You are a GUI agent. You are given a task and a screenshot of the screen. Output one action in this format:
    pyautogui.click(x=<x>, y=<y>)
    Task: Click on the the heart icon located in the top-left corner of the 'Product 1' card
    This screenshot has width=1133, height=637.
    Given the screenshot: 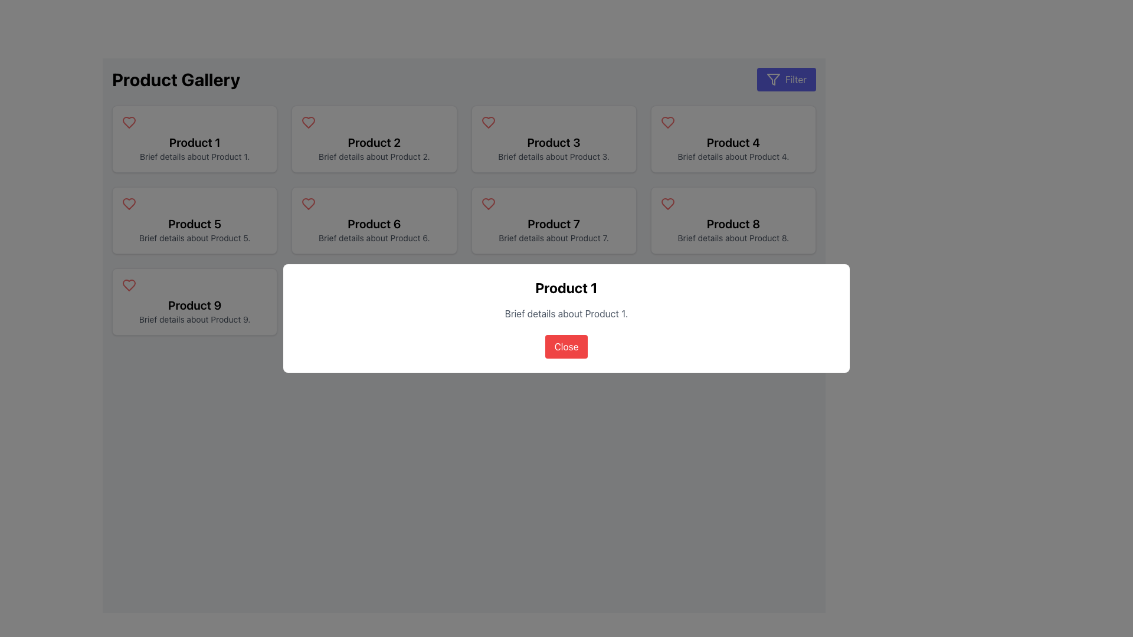 What is the action you would take?
    pyautogui.click(x=129, y=123)
    